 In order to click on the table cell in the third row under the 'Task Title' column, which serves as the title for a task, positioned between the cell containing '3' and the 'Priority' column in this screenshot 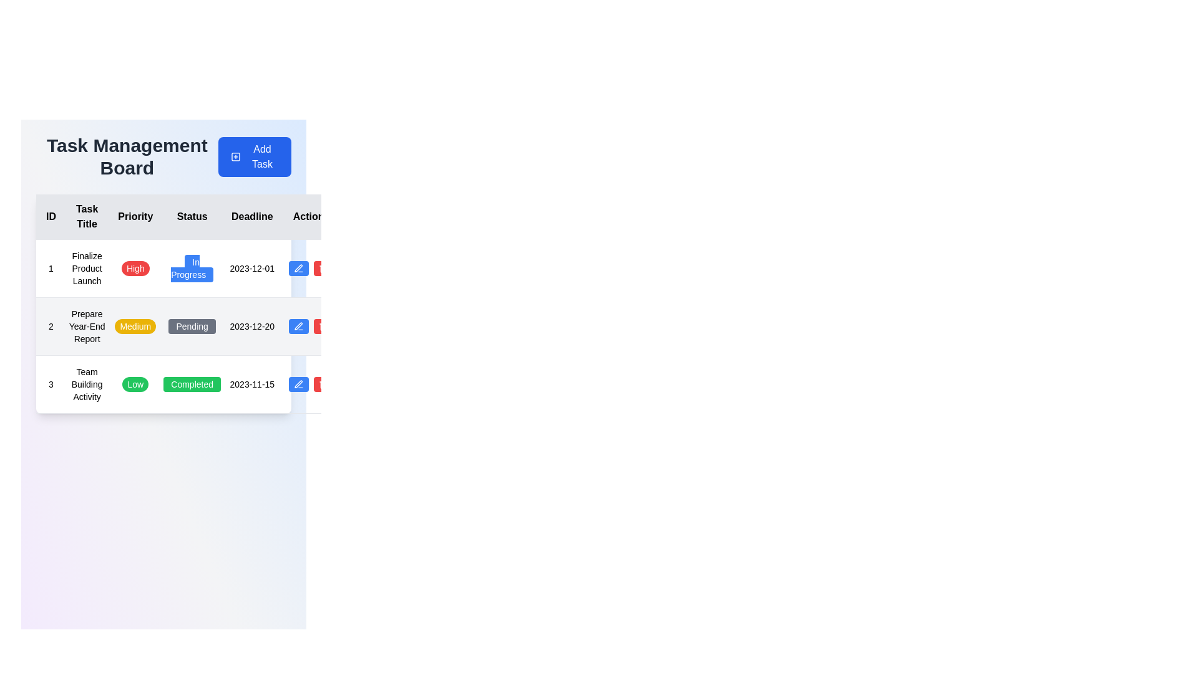, I will do `click(86, 384)`.